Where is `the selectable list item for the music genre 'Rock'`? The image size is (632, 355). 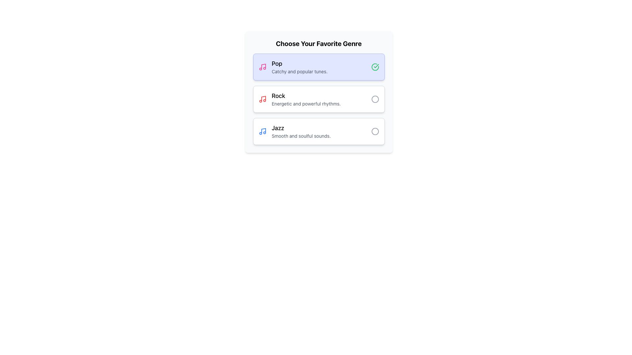 the selectable list item for the music genre 'Rock' is located at coordinates (319, 99).